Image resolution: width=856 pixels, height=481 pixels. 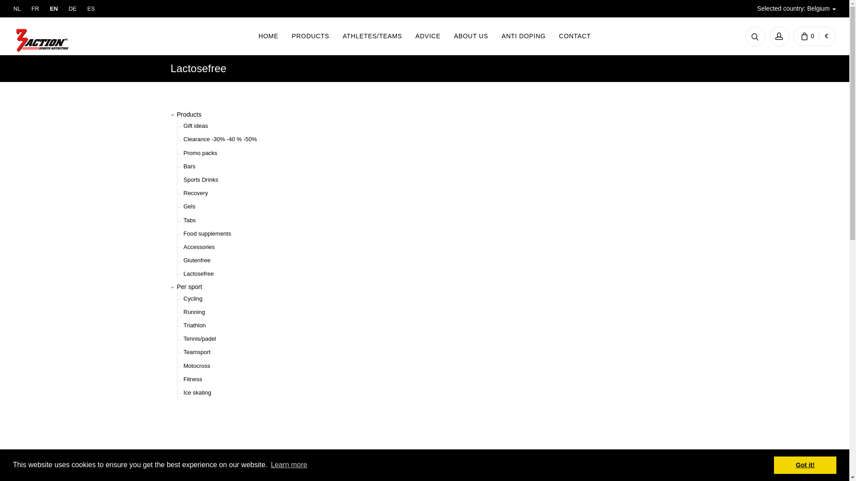 I want to click on 'Food supplements', so click(x=207, y=233).